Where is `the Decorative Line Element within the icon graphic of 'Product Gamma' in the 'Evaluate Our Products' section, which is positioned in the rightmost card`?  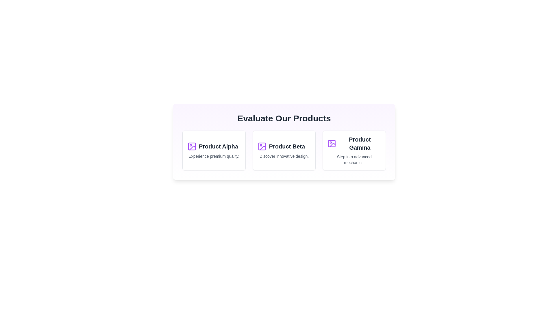
the Decorative Line Element within the icon graphic of 'Product Gamma' in the 'Evaluate Our Products' section, which is positioned in the rightmost card is located at coordinates (332, 145).